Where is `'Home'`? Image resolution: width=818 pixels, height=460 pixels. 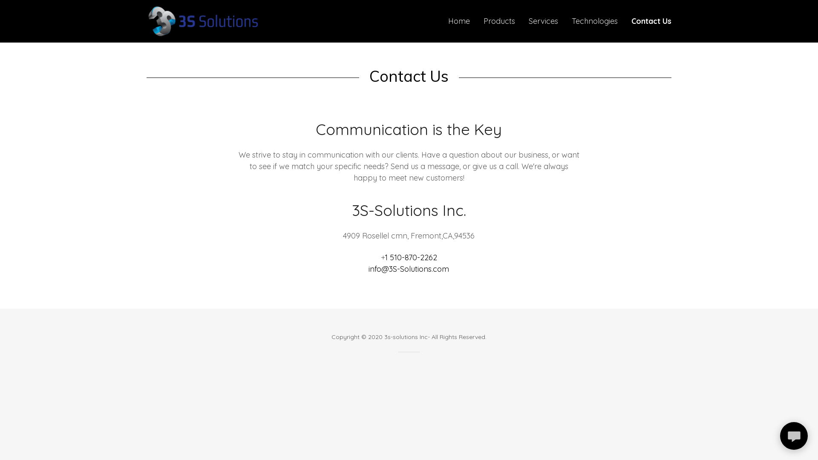 'Home' is located at coordinates (458, 21).